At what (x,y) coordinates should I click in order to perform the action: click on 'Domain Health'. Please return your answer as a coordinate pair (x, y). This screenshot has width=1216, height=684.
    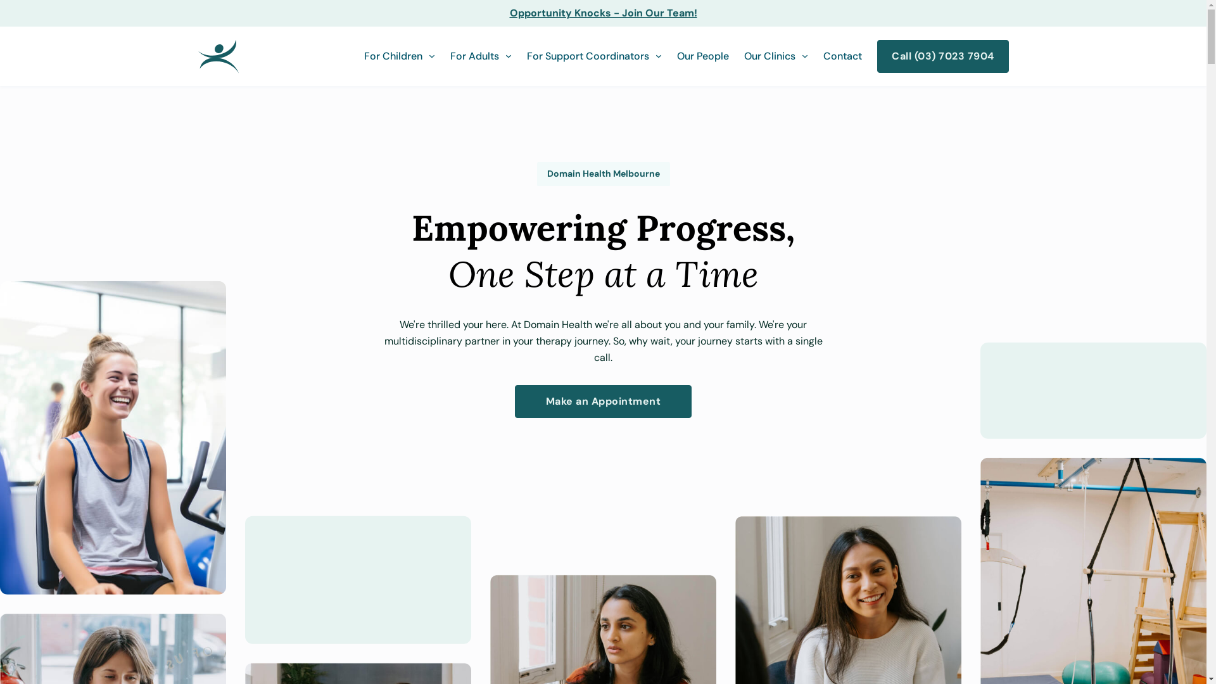
    Looking at the image, I should click on (218, 55).